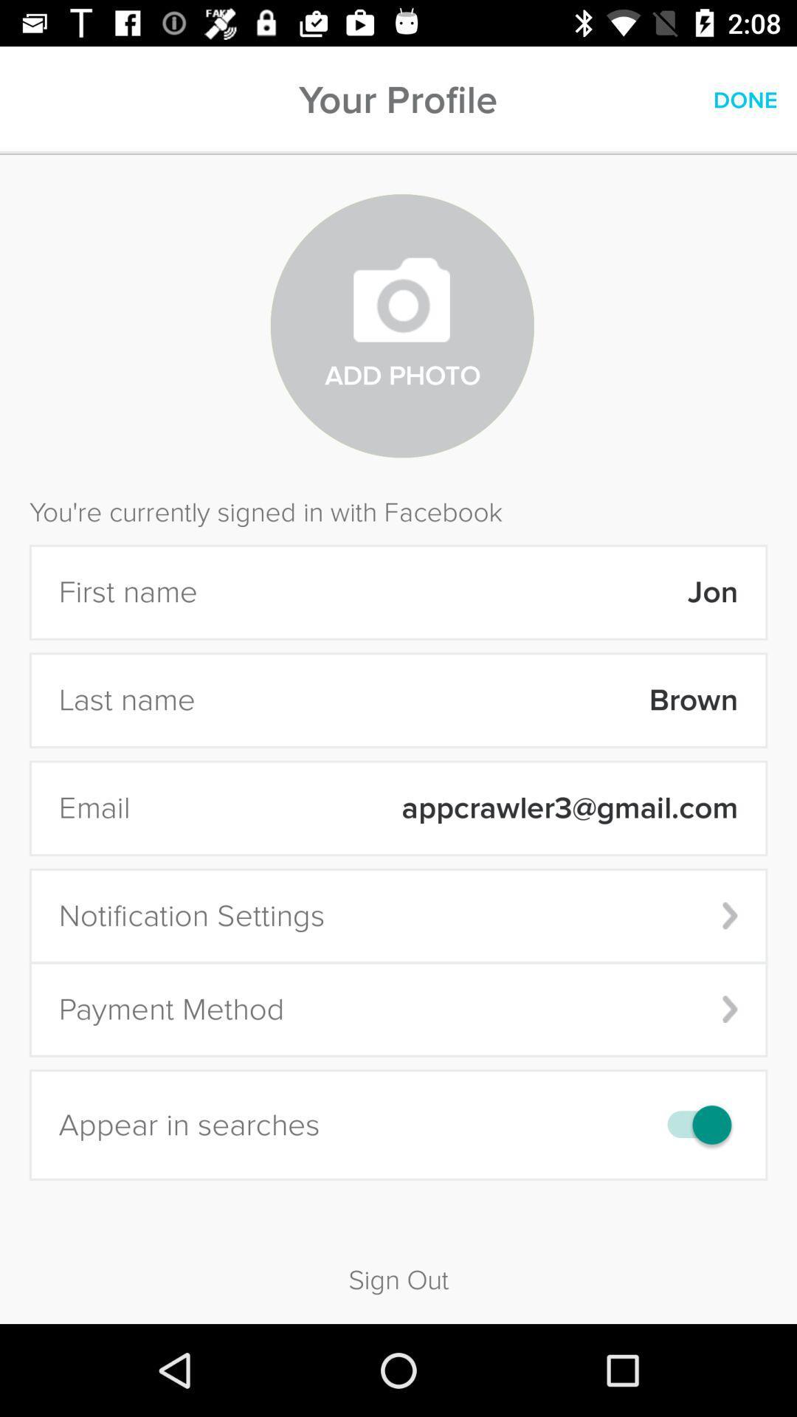 This screenshot has height=1417, width=797. What do you see at coordinates (745, 100) in the screenshot?
I see `icon above the you re currently icon` at bounding box center [745, 100].